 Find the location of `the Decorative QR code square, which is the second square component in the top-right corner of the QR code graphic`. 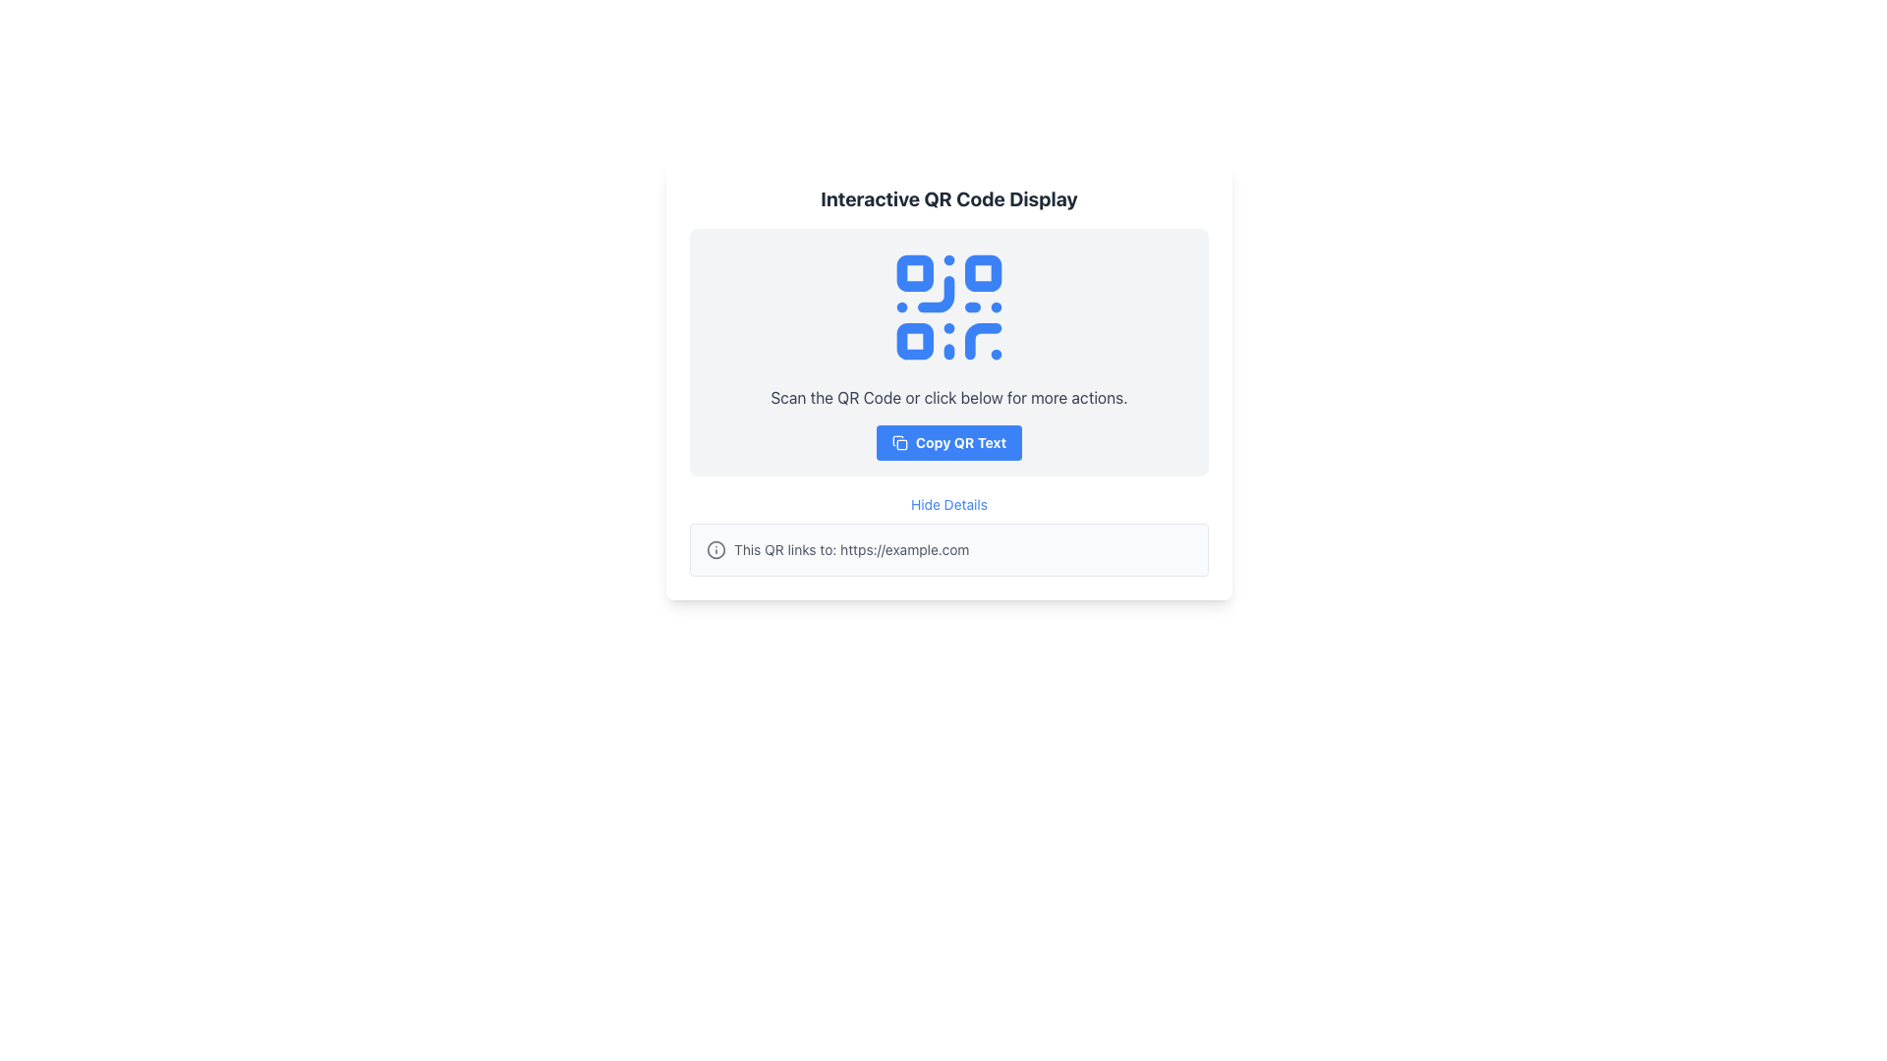

the Decorative QR code square, which is the second square component in the top-right corner of the QR code graphic is located at coordinates (983, 273).